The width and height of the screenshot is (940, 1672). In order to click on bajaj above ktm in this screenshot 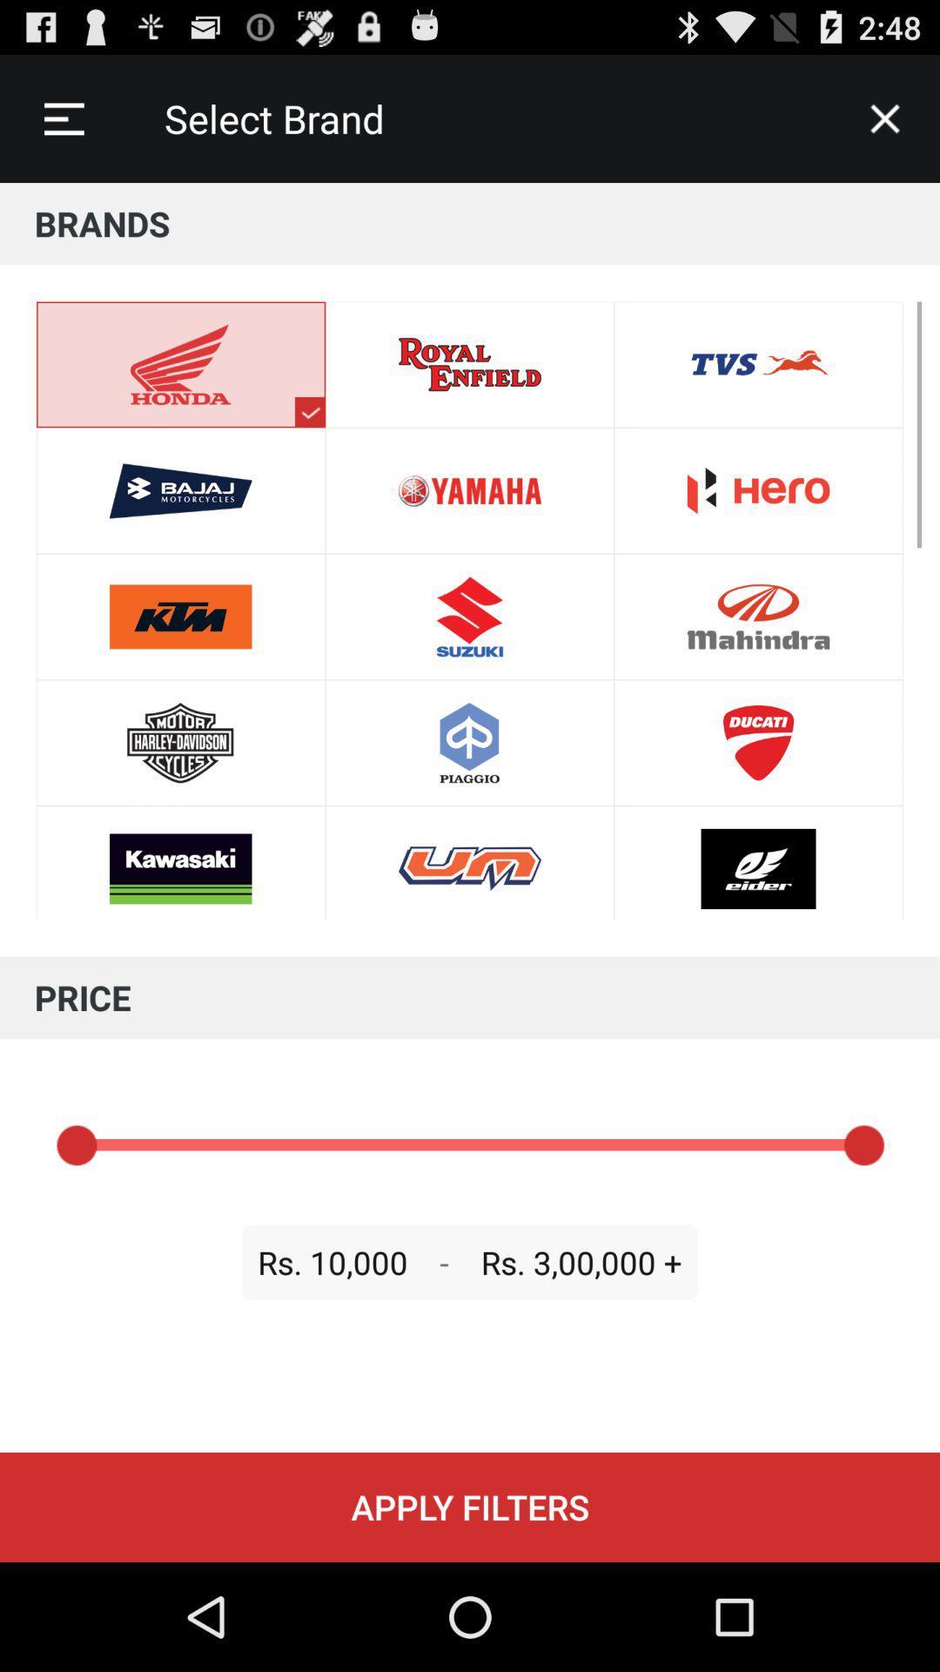, I will do `click(181, 489)`.